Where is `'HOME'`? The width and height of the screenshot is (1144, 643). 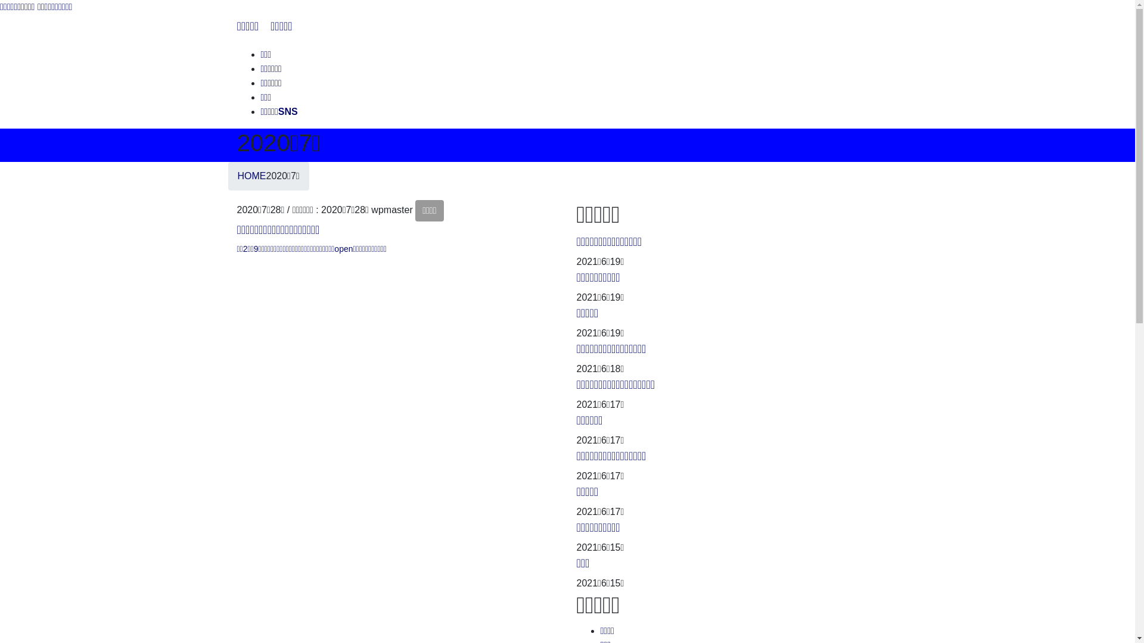
'HOME' is located at coordinates (251, 176).